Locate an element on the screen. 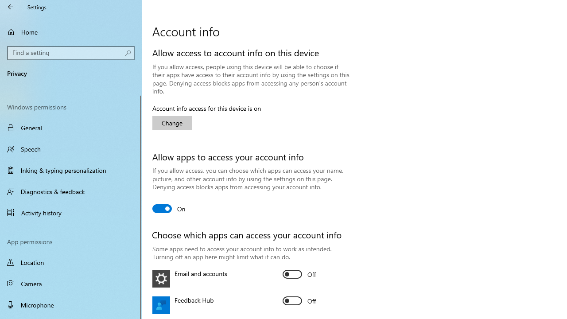  'Inking & typing personalization' is located at coordinates (71, 170).